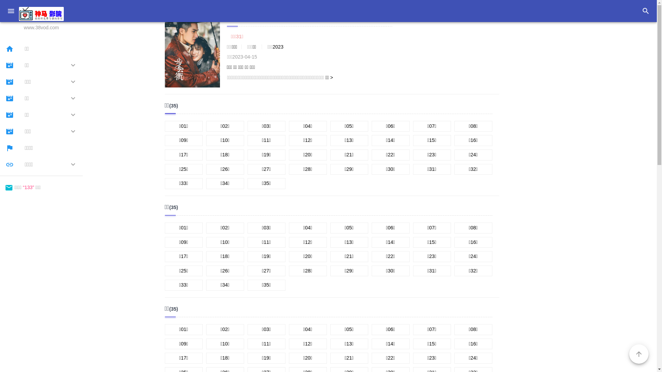 The height and width of the screenshot is (372, 662). I want to click on '2023', so click(272, 46).